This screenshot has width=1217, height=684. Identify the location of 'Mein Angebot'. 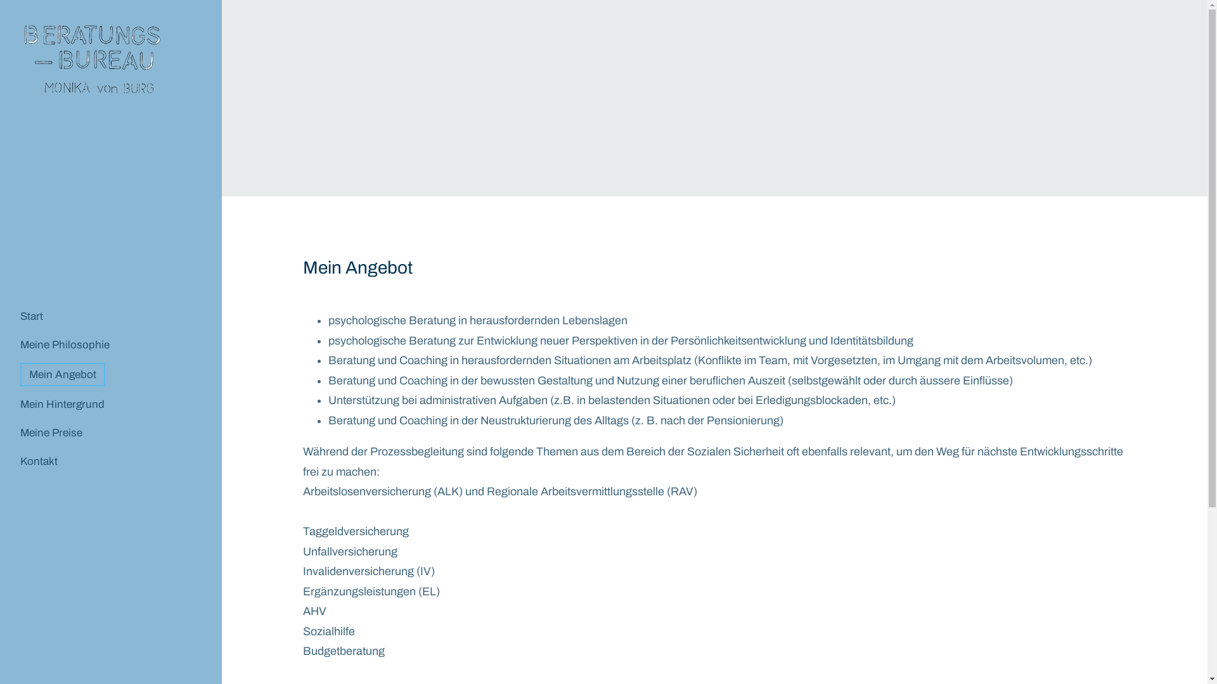
(62, 374).